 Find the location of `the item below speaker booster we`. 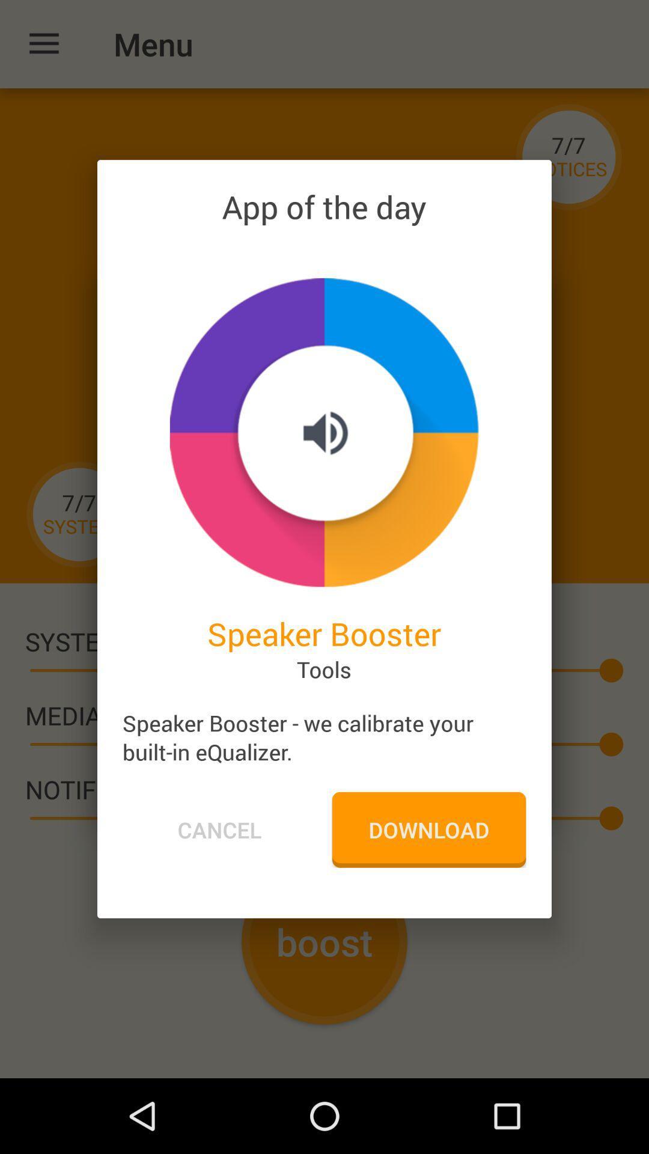

the item below speaker booster we is located at coordinates (219, 829).